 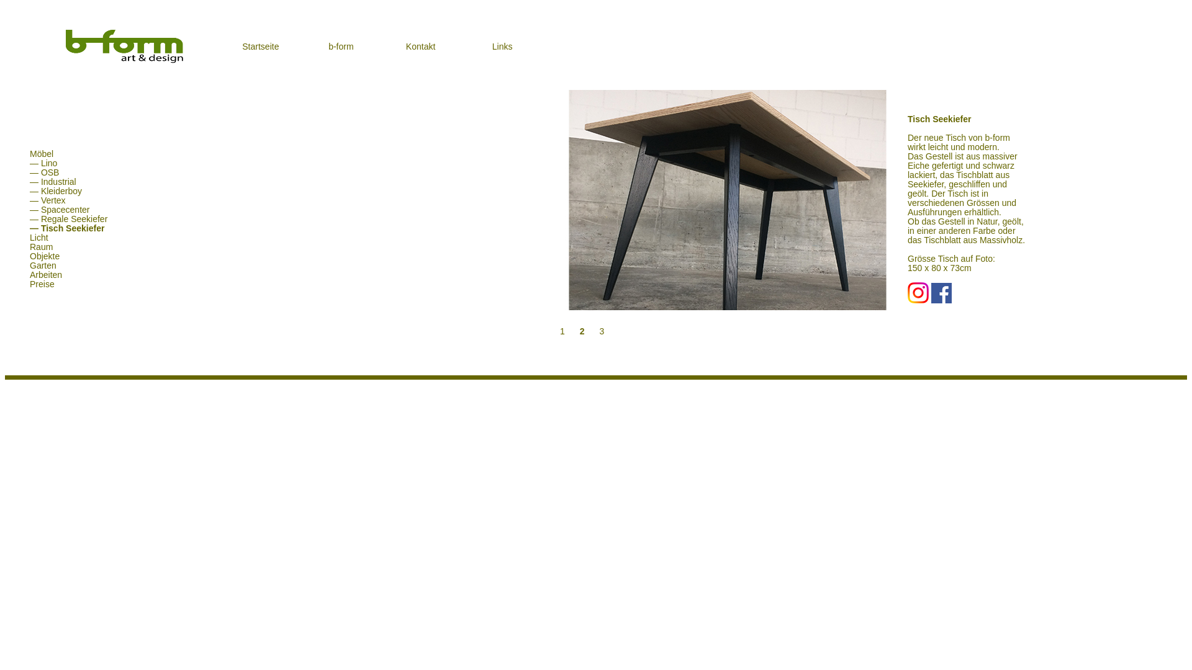 I want to click on 'Arbeiten', so click(x=39, y=274).